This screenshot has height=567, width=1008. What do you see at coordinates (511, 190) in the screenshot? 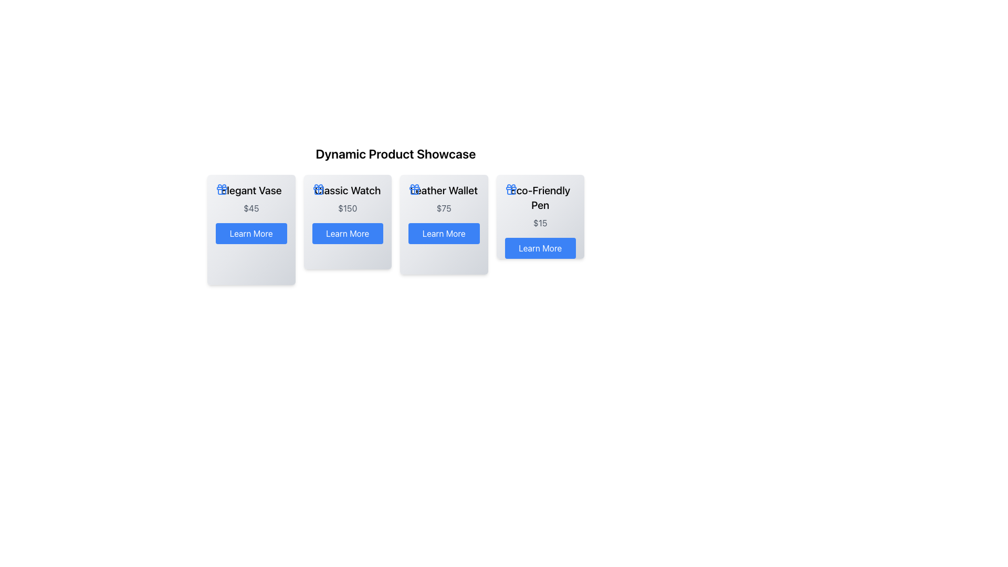
I see `the Decorative Icon resembling a gift box, which is blue in color and located at the top-left corner of the Eco-Friendly Pen product card` at bounding box center [511, 190].